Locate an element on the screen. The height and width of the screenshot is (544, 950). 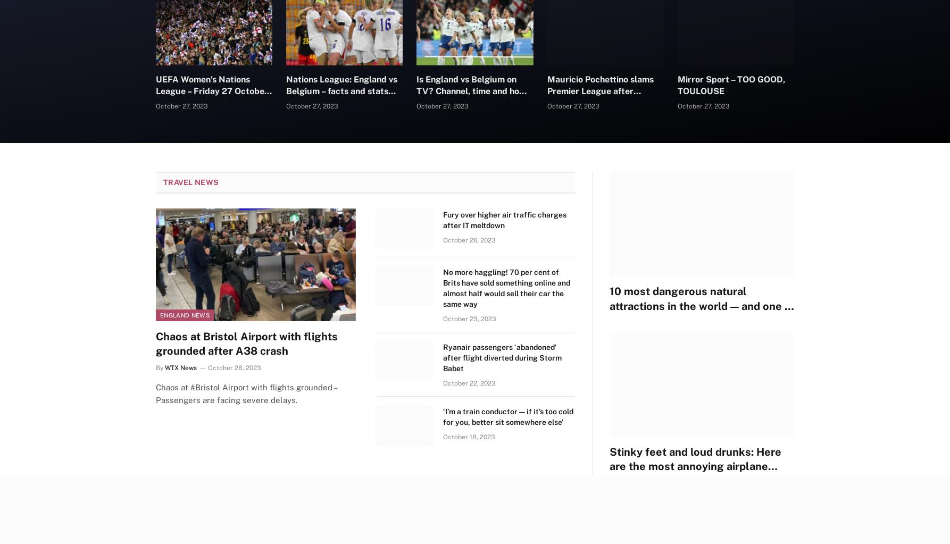
'October 18, 2023' is located at coordinates (442, 437).